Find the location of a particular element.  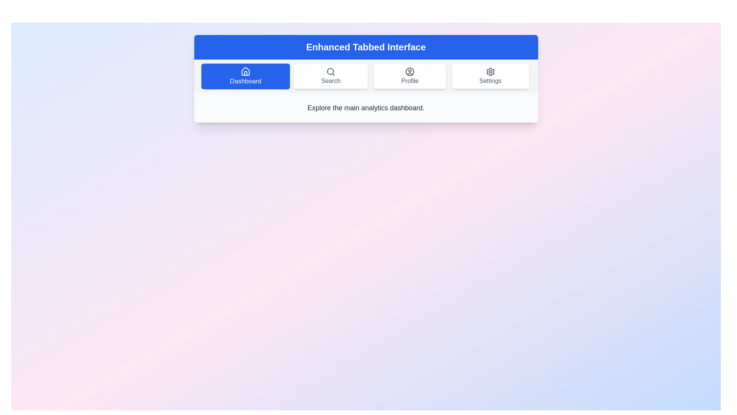

the tab in the Tabbed Navigation Interface is located at coordinates (365, 78).